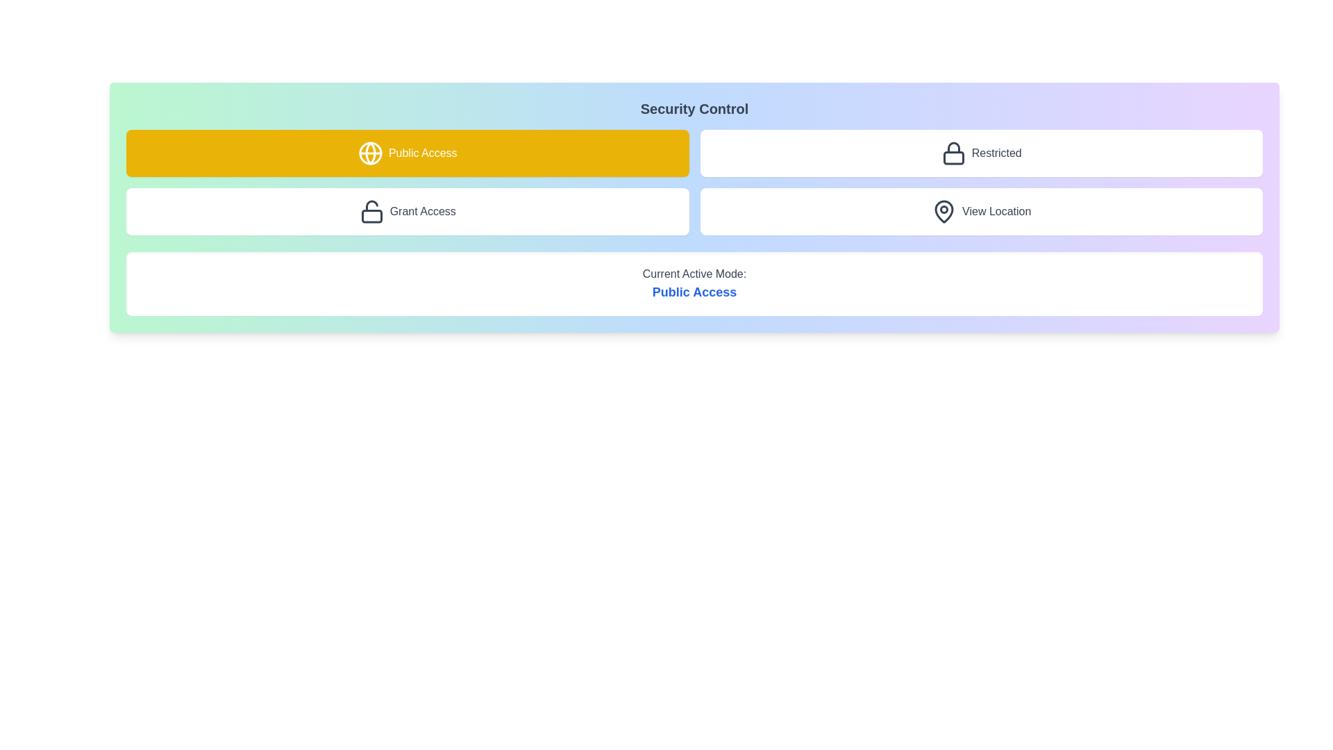 The image size is (1333, 750). I want to click on the mode Grant Access by clicking on the corresponding button, so click(407, 211).